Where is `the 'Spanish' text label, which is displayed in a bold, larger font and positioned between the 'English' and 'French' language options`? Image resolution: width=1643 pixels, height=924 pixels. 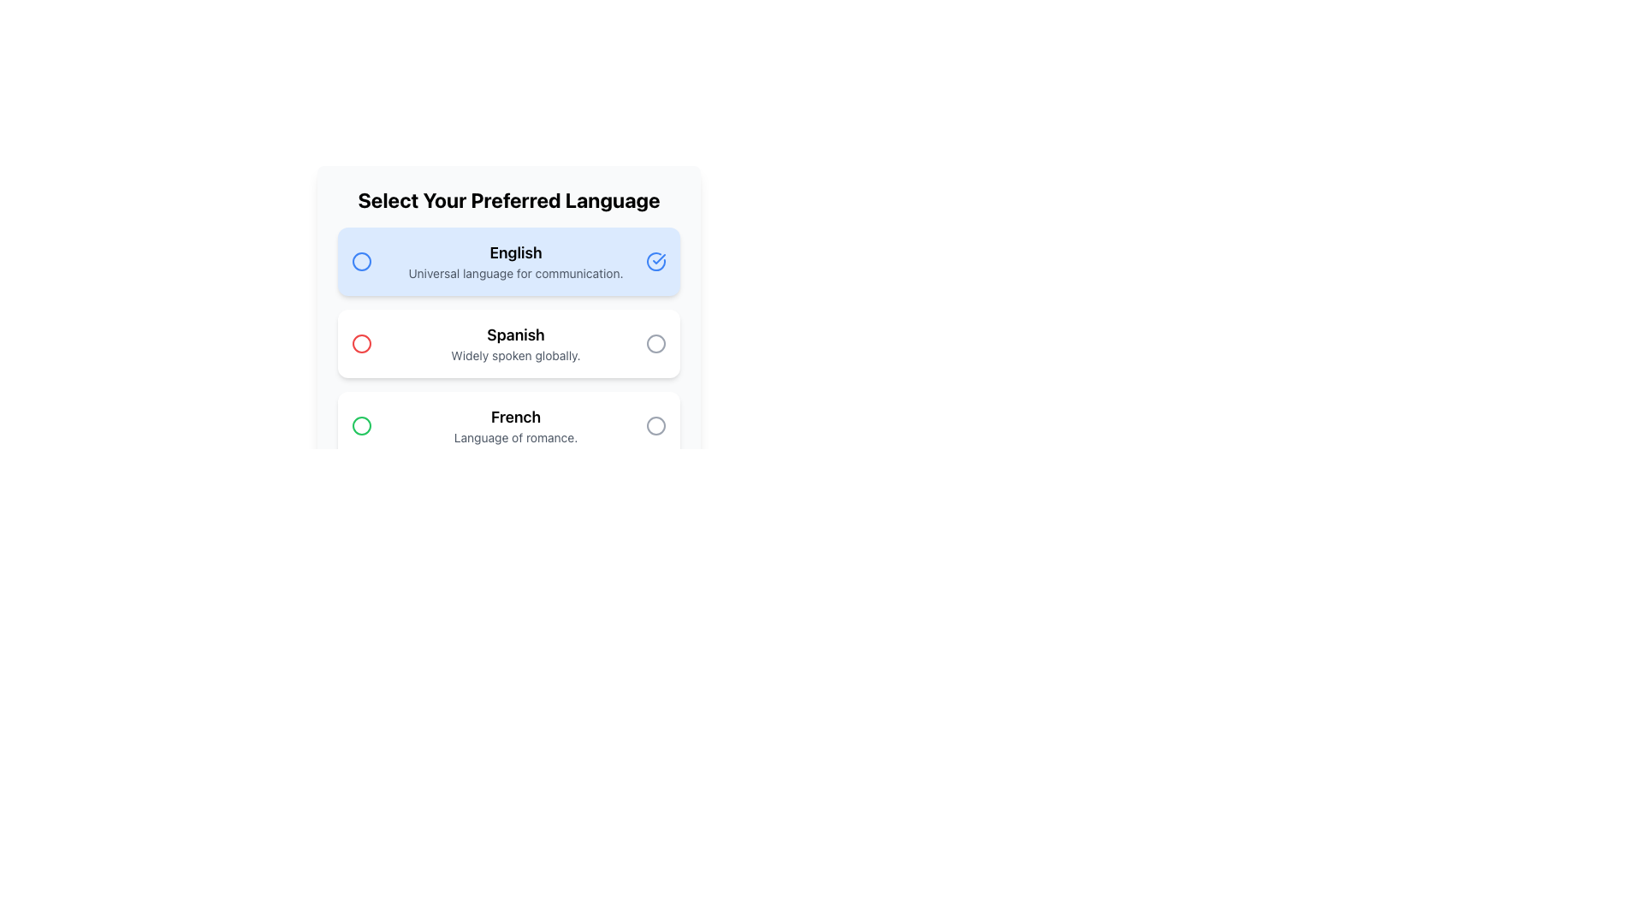
the 'Spanish' text label, which is displayed in a bold, larger font and positioned between the 'English' and 'French' language options is located at coordinates (515, 335).